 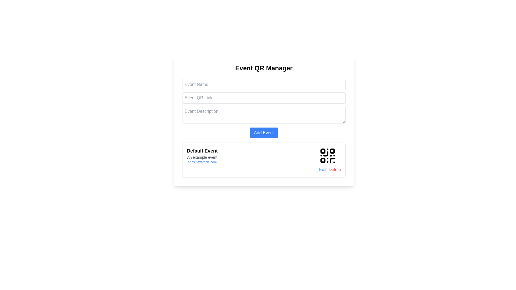 What do you see at coordinates (330, 170) in the screenshot?
I see `the 'Delete' button in the horizontal button group located in the bottom-right section of the event card` at bounding box center [330, 170].